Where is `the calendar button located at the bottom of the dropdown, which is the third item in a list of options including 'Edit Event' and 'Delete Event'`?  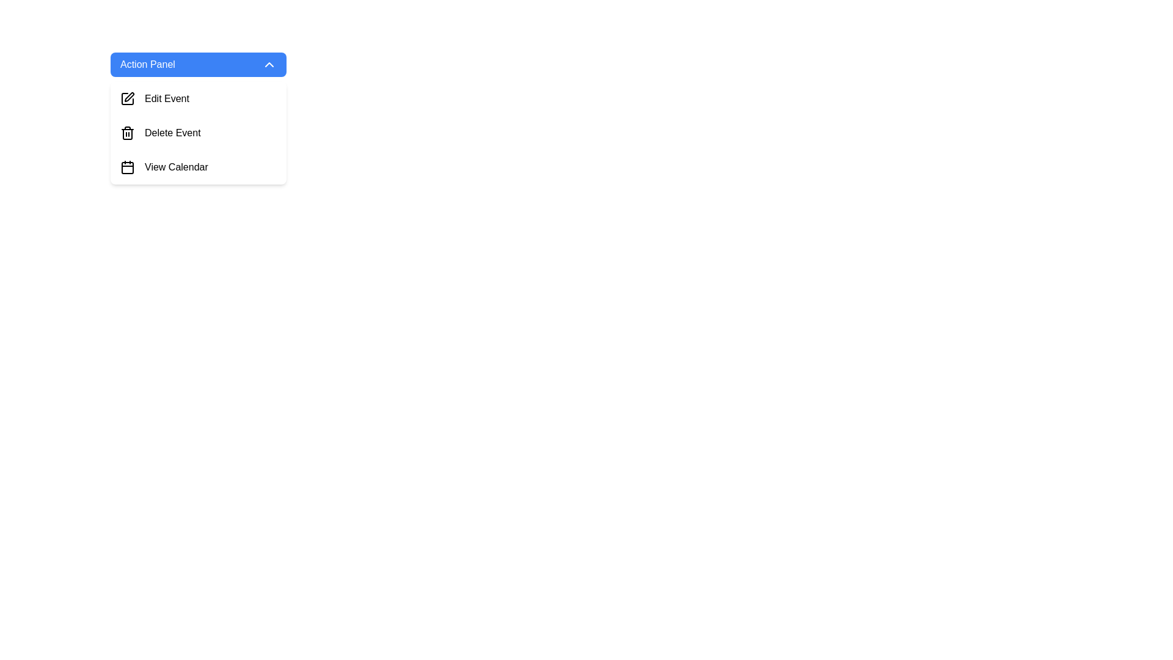
the calendar button located at the bottom of the dropdown, which is the third item in a list of options including 'Edit Event' and 'Delete Event' is located at coordinates (199, 167).